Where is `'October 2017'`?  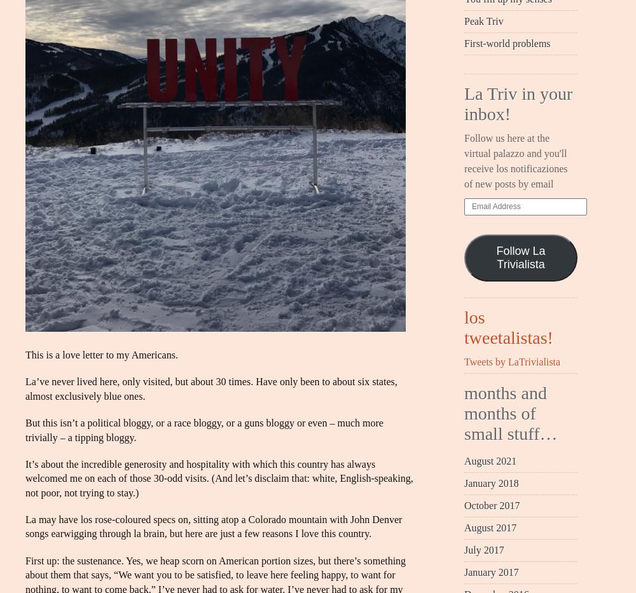 'October 2017' is located at coordinates (464, 505).